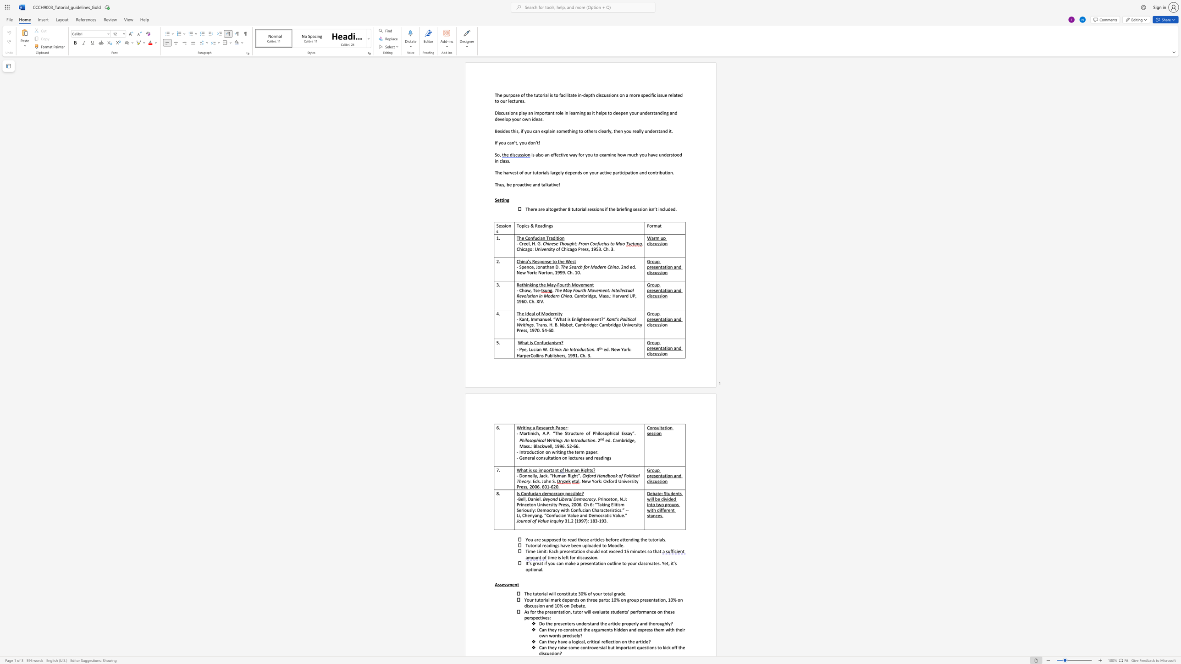  What do you see at coordinates (530, 342) in the screenshot?
I see `the subset text "is" within the text "What is Confucianism?"` at bounding box center [530, 342].